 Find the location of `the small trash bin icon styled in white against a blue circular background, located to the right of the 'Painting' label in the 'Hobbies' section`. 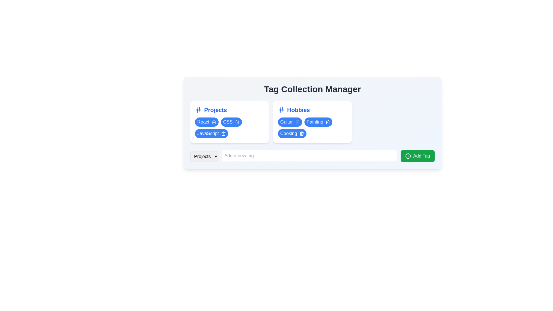

the small trash bin icon styled in white against a blue circular background, located to the right of the 'Painting' label in the 'Hobbies' section is located at coordinates (328, 122).